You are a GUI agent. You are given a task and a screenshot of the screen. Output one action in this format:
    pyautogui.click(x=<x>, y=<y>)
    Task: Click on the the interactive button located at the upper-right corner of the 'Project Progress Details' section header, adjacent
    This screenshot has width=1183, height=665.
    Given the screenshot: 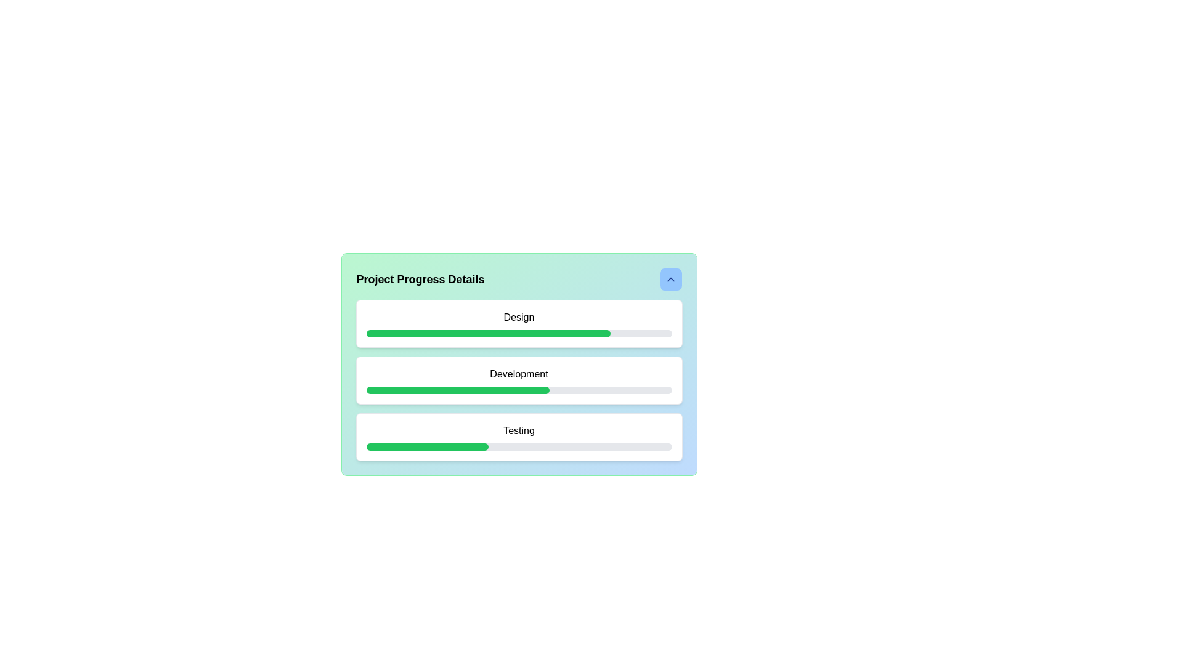 What is the action you would take?
    pyautogui.click(x=670, y=280)
    